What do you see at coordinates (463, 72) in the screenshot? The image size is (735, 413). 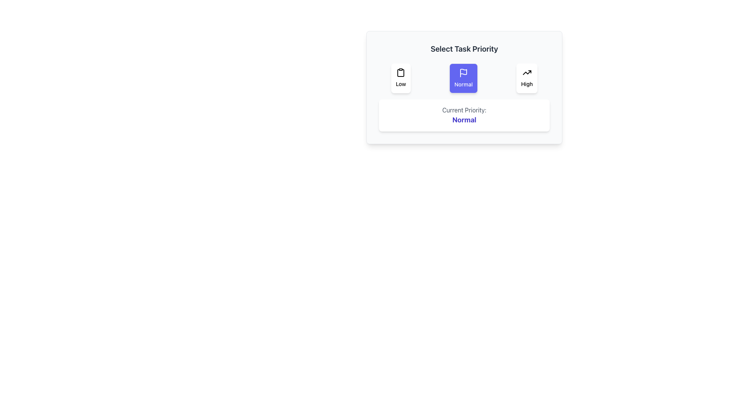 I see `the blue flag icon with red markings, located centrally in the 'Normal' selection button of the task priority selection panel` at bounding box center [463, 72].